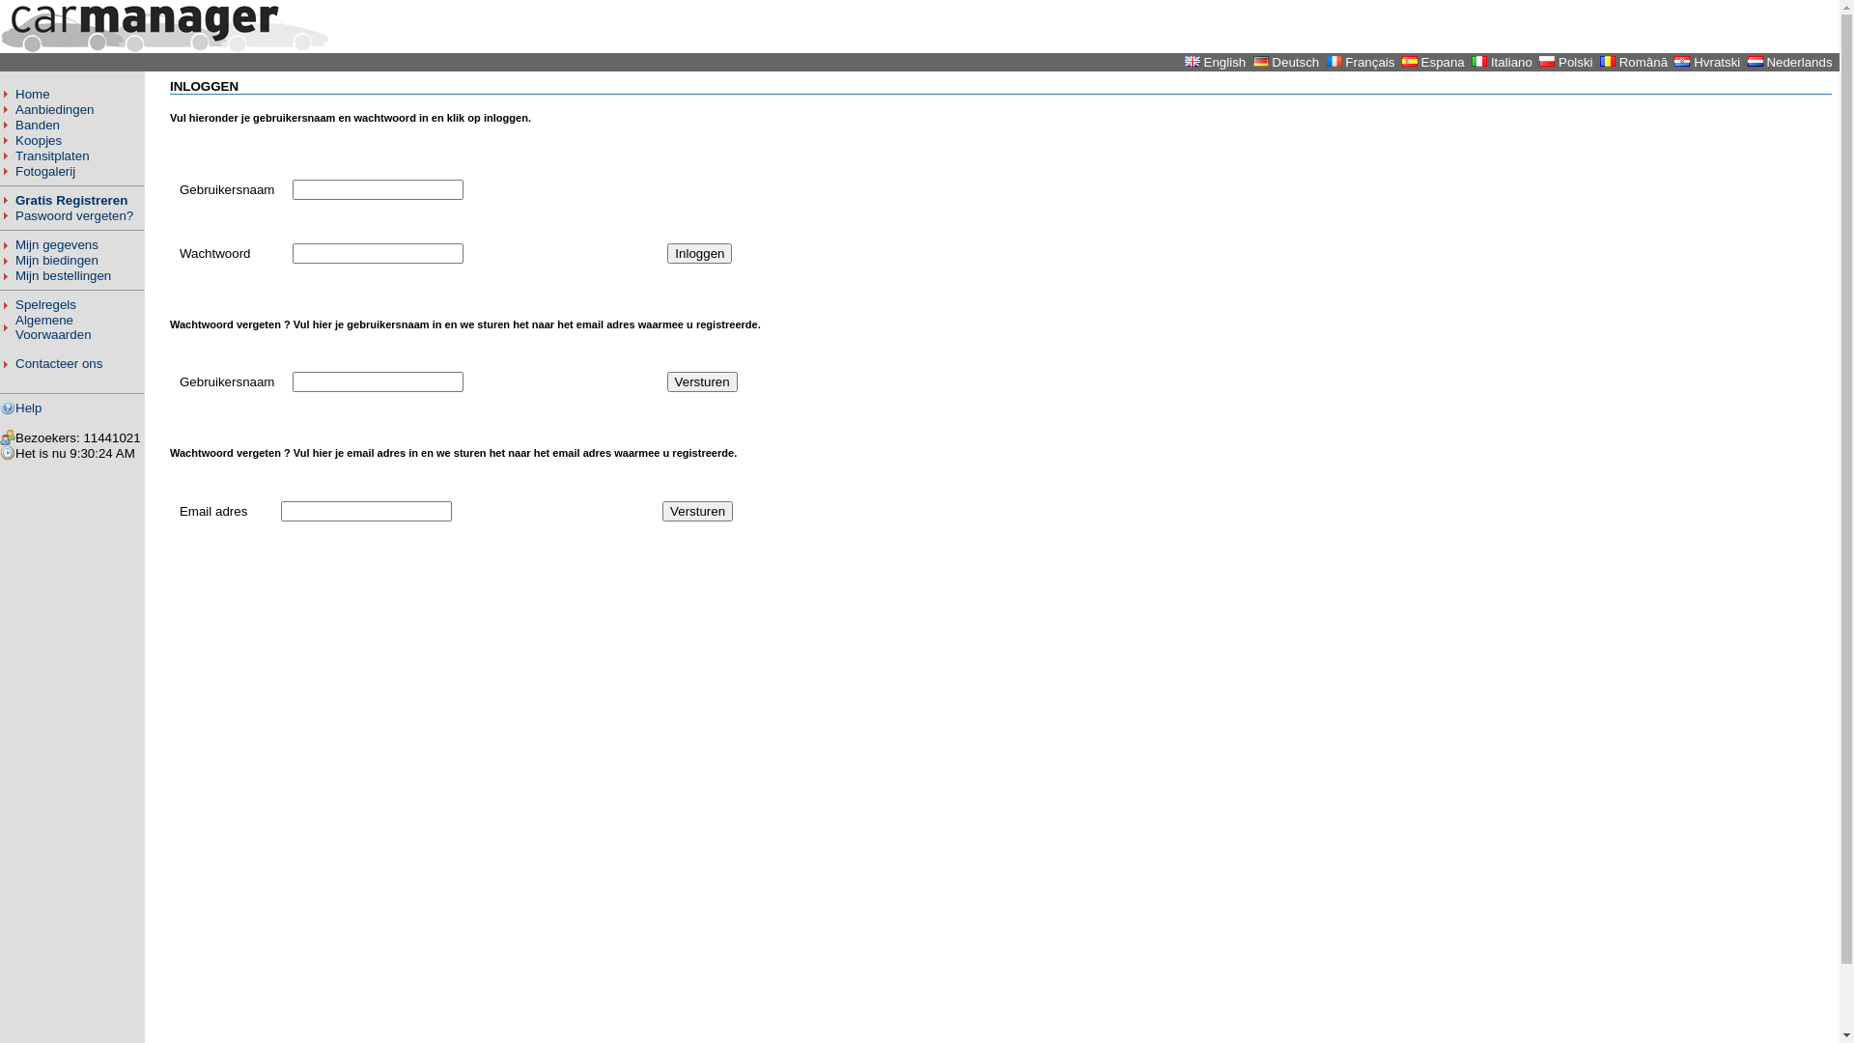  I want to click on 'Deutsch', so click(1295, 61).